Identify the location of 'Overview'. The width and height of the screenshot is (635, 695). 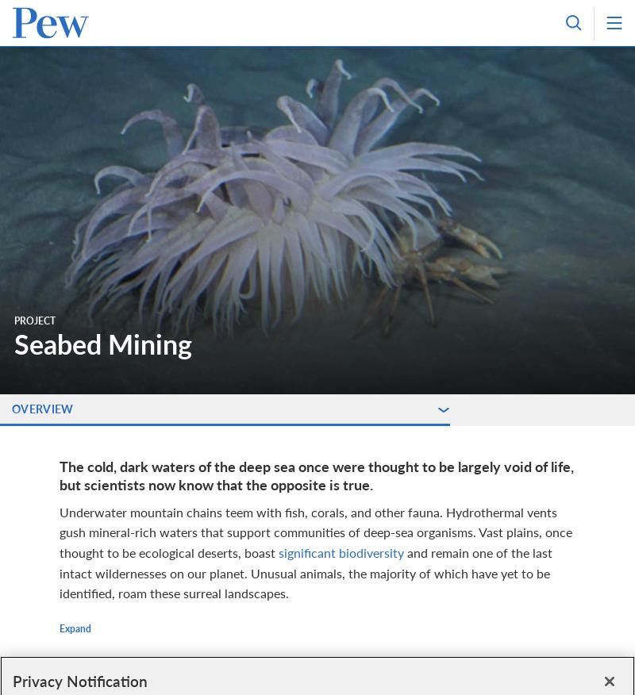
(11, 408).